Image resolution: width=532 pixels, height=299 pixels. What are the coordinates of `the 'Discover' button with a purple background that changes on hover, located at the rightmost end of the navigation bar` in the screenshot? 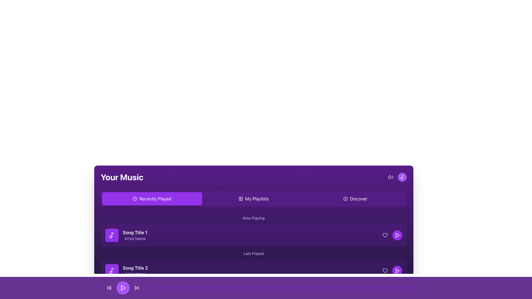 It's located at (355, 198).